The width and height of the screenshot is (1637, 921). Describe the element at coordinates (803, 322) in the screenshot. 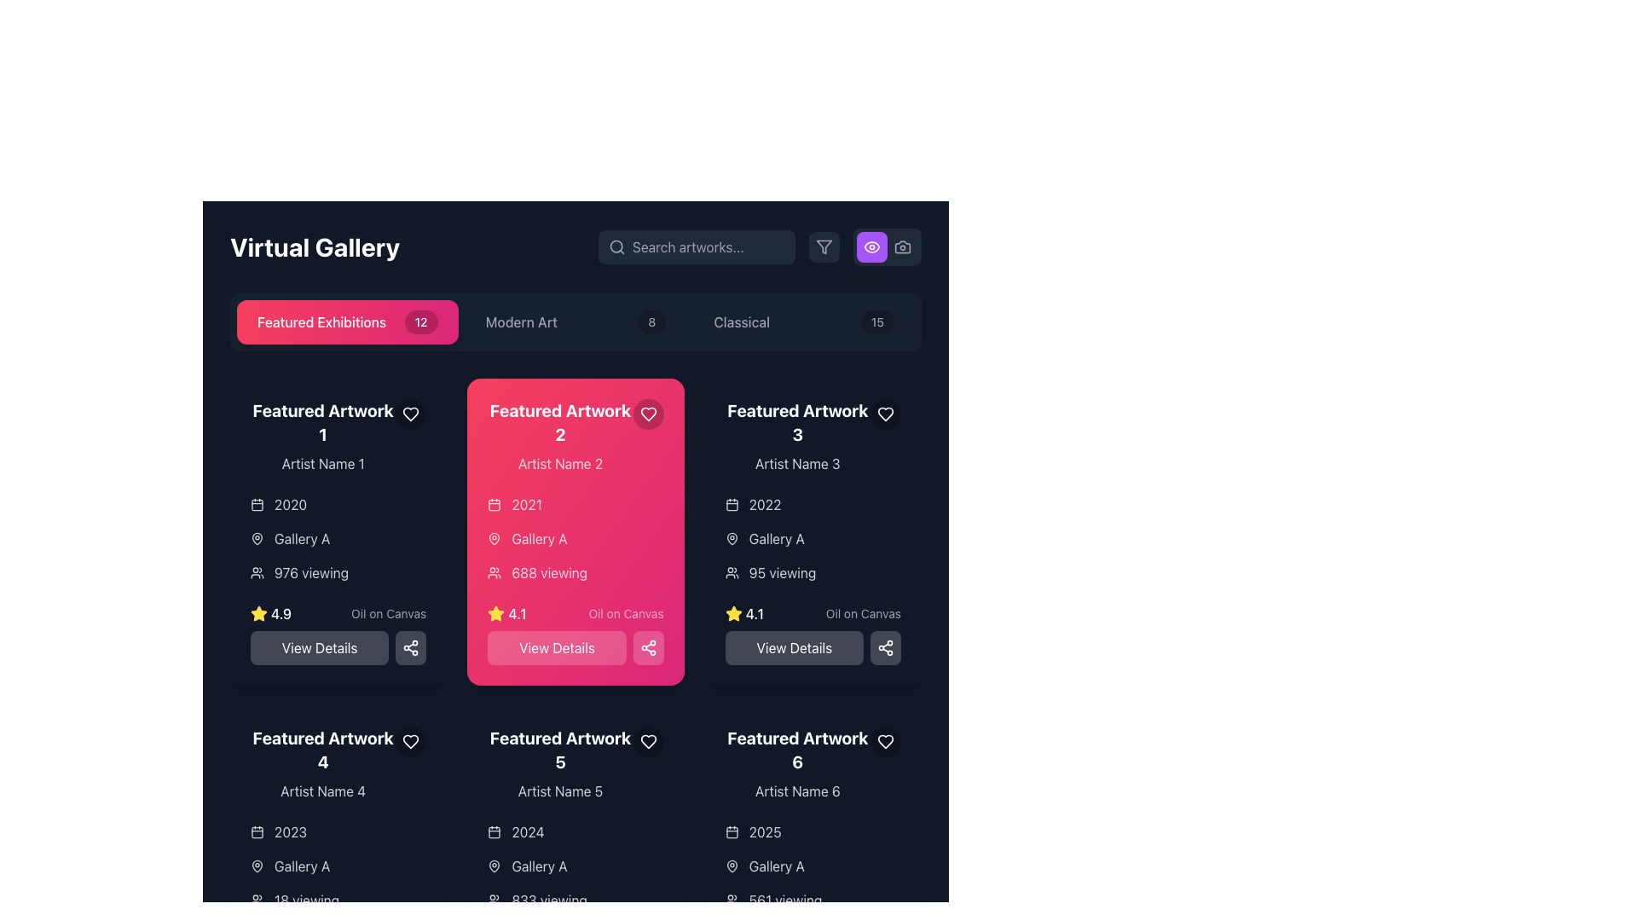

I see `the third button labeled 'Classical' in the gallery interface` at that location.